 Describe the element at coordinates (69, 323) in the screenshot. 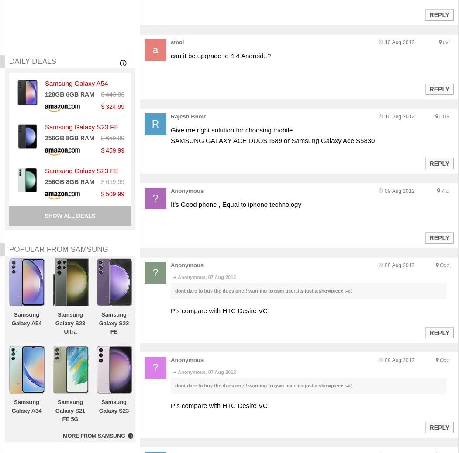

I see `'Samsung Galaxy S23 Ultra'` at that location.